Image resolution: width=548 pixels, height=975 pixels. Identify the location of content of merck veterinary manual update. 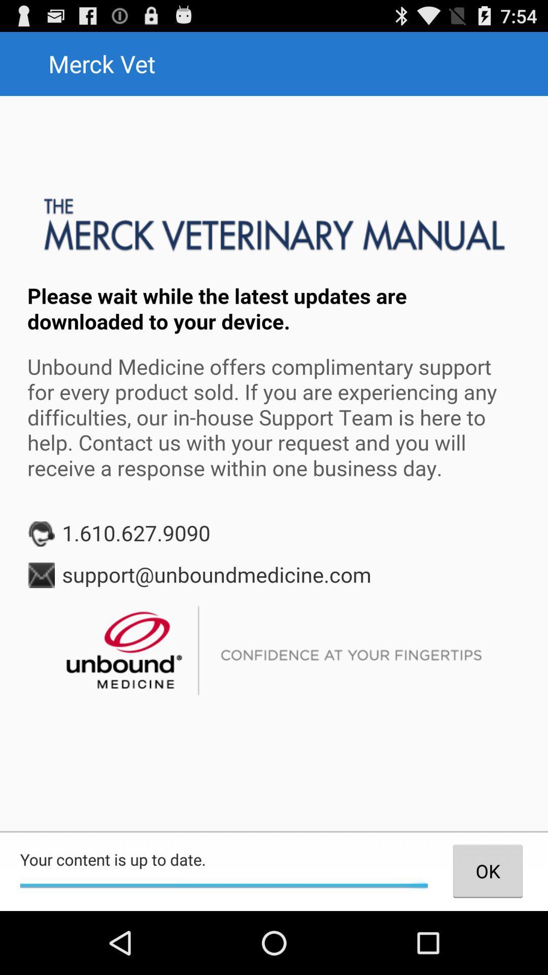
(274, 463).